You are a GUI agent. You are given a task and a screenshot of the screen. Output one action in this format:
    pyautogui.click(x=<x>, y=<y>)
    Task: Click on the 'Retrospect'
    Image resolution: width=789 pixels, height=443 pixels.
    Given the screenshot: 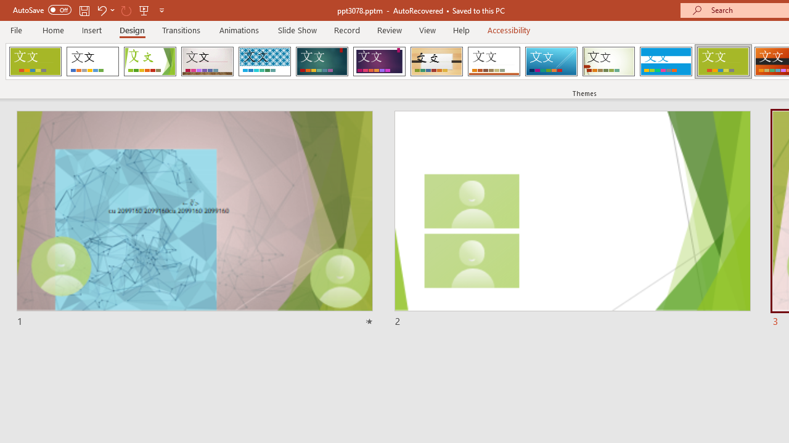 What is the action you would take?
    pyautogui.click(x=494, y=62)
    